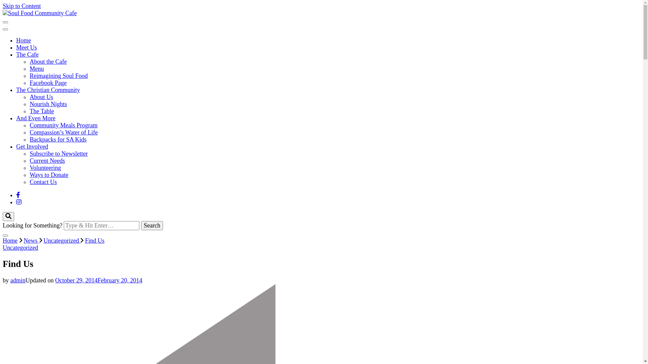 The height and width of the screenshot is (364, 648). What do you see at coordinates (16, 118) in the screenshot?
I see `'And Even More'` at bounding box center [16, 118].